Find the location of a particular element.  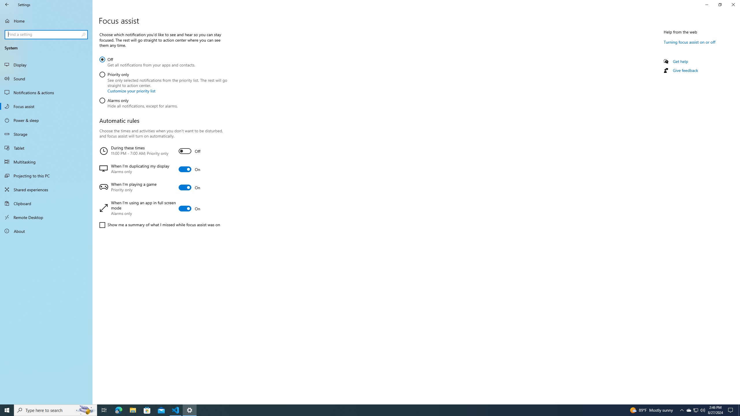

'Back' is located at coordinates (7, 4).